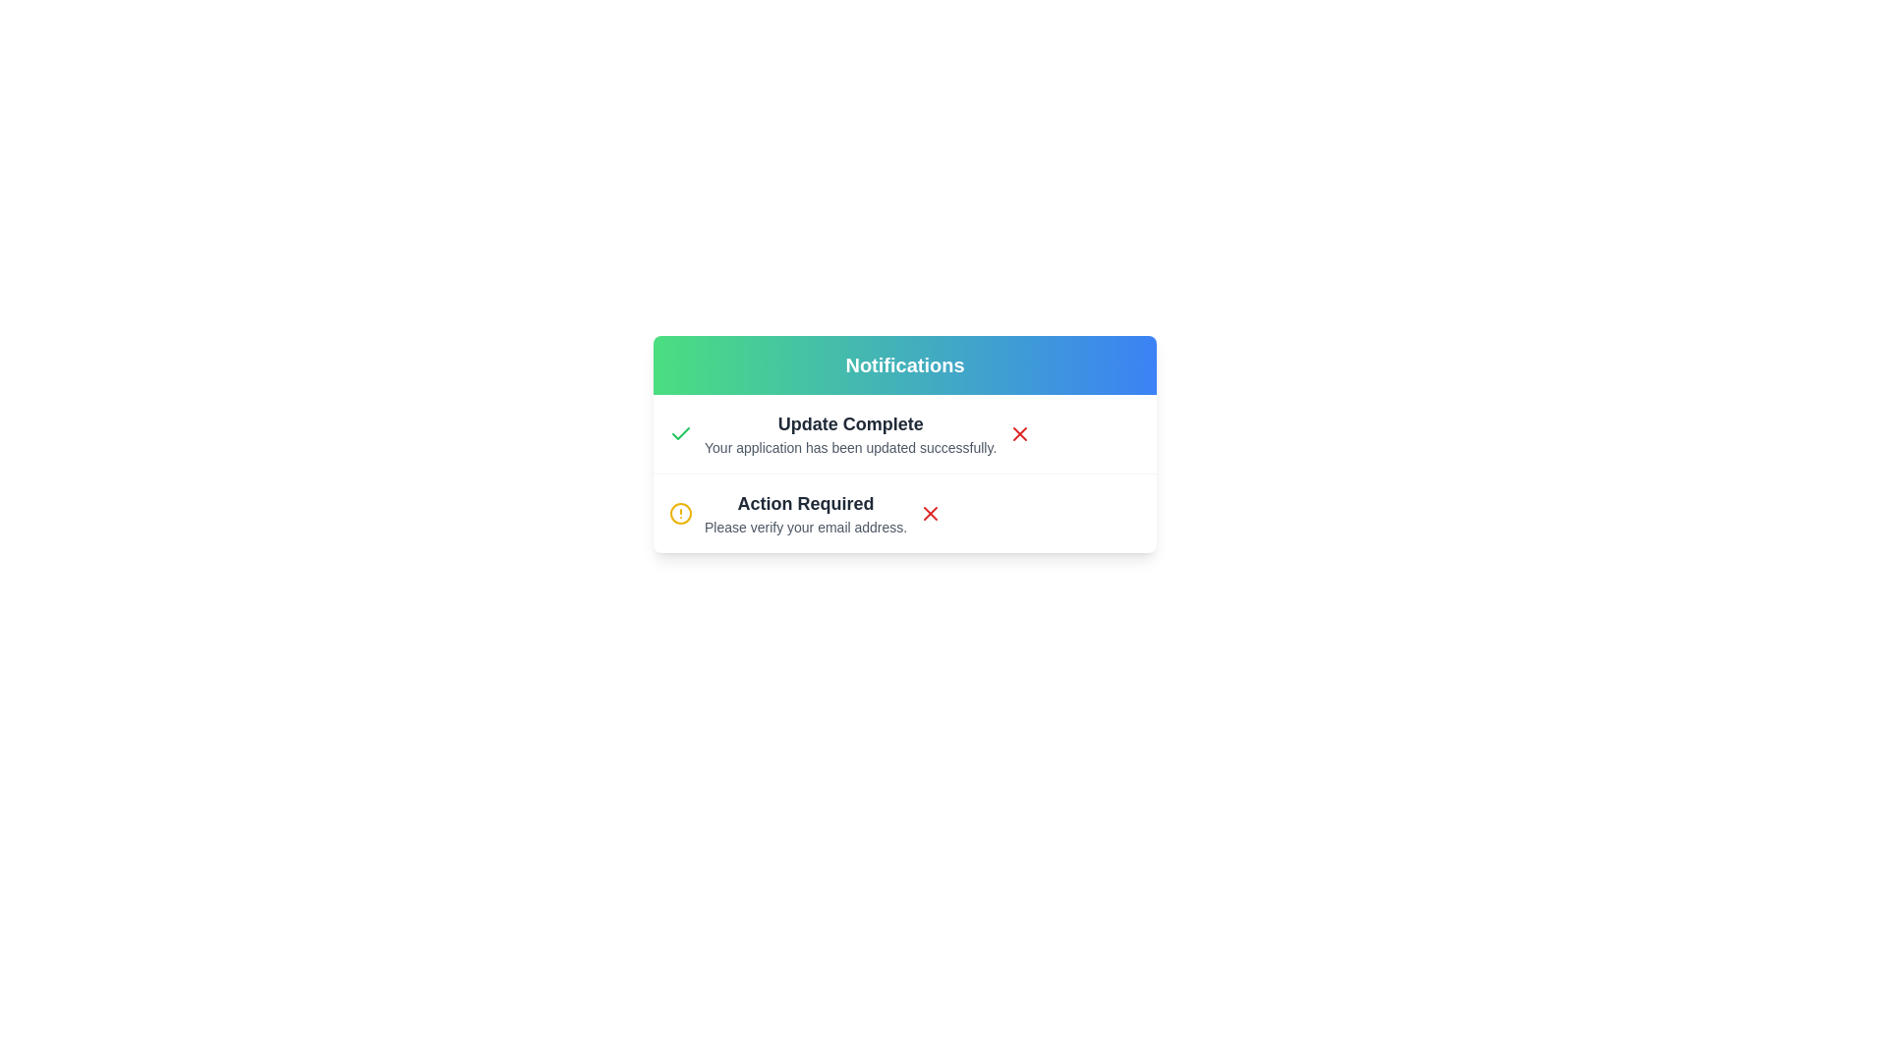  Describe the element at coordinates (904, 474) in the screenshot. I see `the notifications in the Informational message panel, which contains two notifications titled 'Update Complete' and 'Action Required', located in the lower portion of the notification card section beneath the header 'Notifications'` at that location.